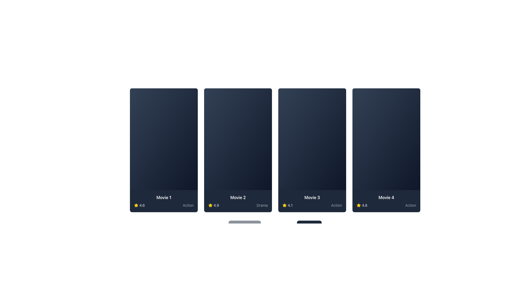  I want to click on the text label representing the genre of the media associated with the card labeled 'Movie 1', located at the bottom-right corner of the card, so click(188, 205).